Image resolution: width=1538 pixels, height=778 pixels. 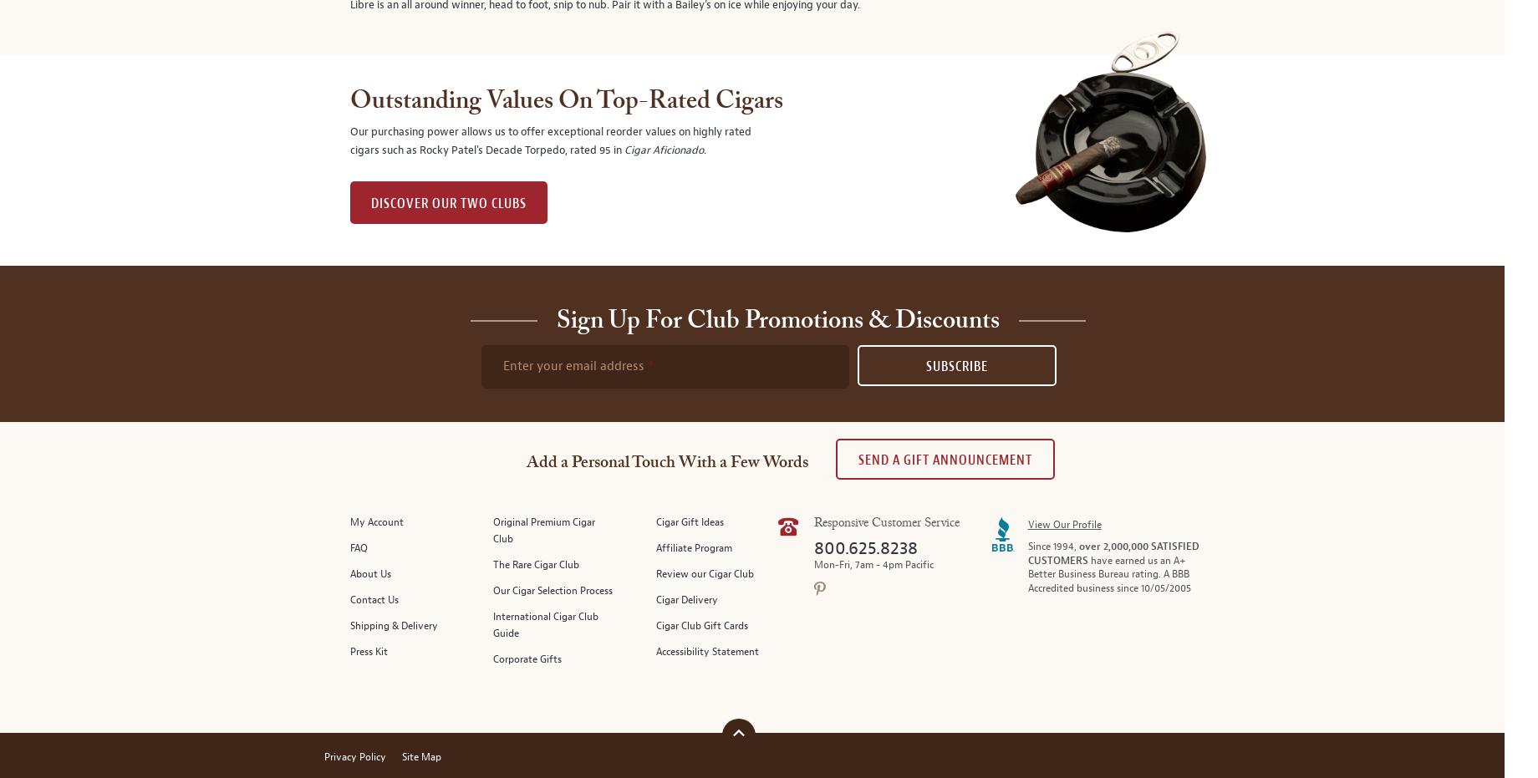 What do you see at coordinates (885, 523) in the screenshot?
I see `'Responsive Customer Service'` at bounding box center [885, 523].